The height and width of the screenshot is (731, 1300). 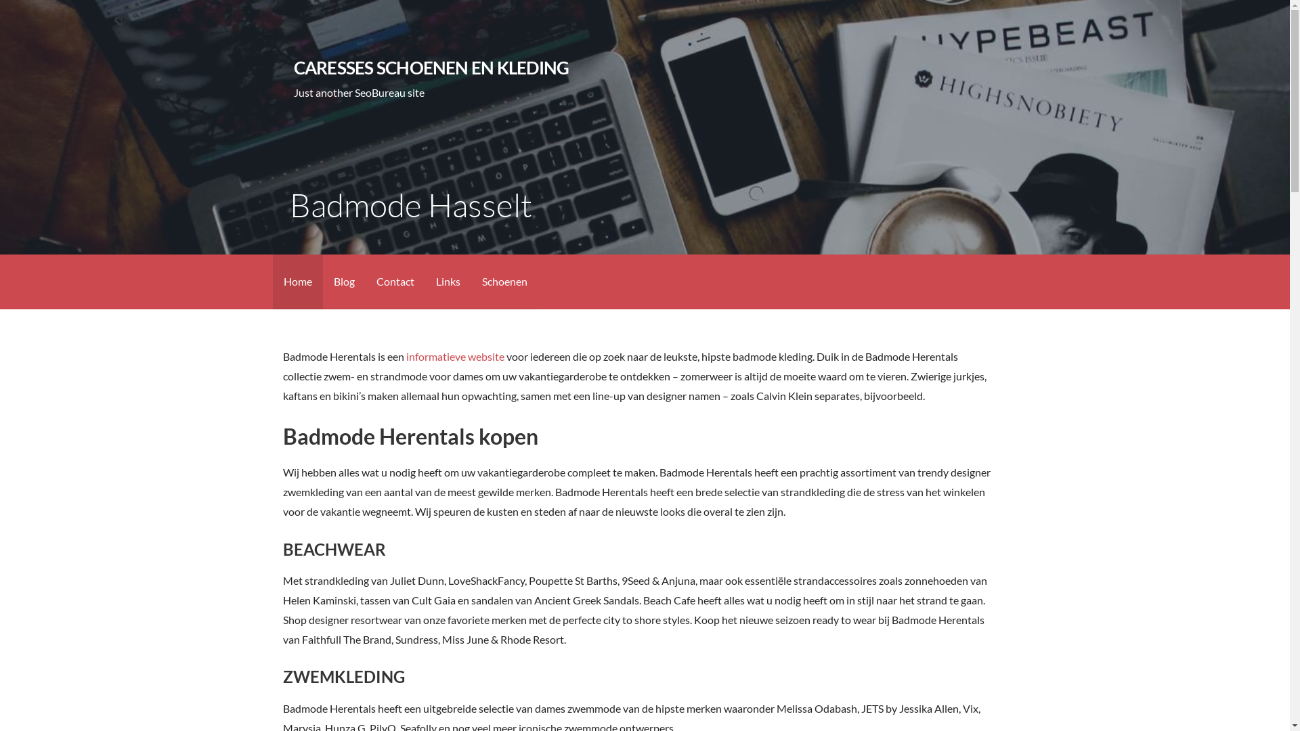 I want to click on 'CARESSES SCHOENEN EN KLEDING', so click(x=431, y=68).